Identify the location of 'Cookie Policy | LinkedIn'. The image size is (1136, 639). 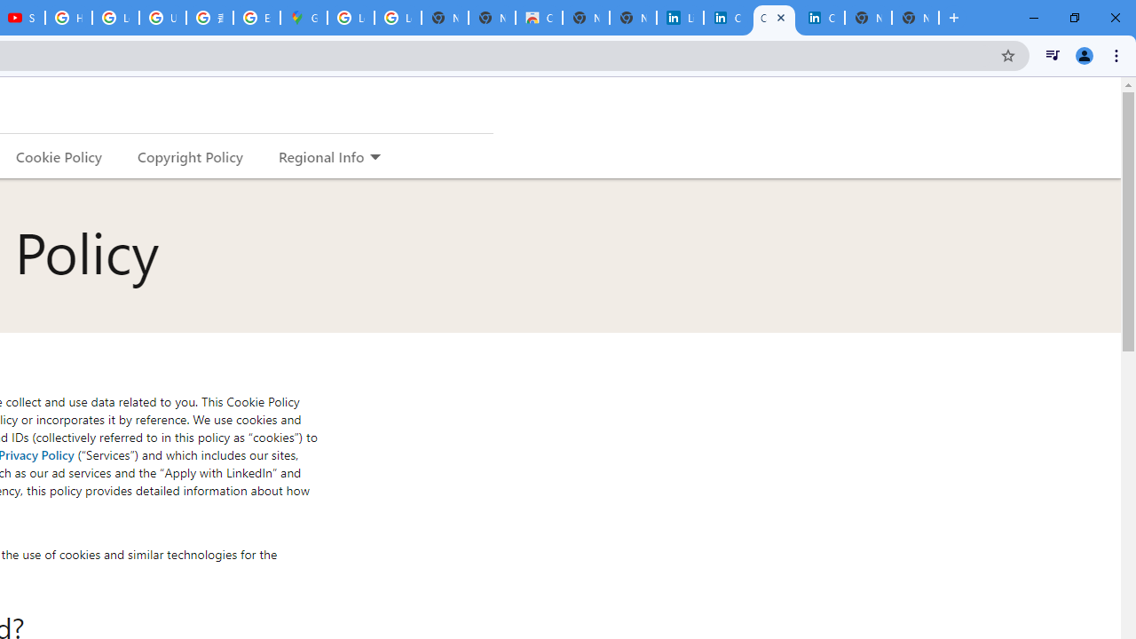
(727, 18).